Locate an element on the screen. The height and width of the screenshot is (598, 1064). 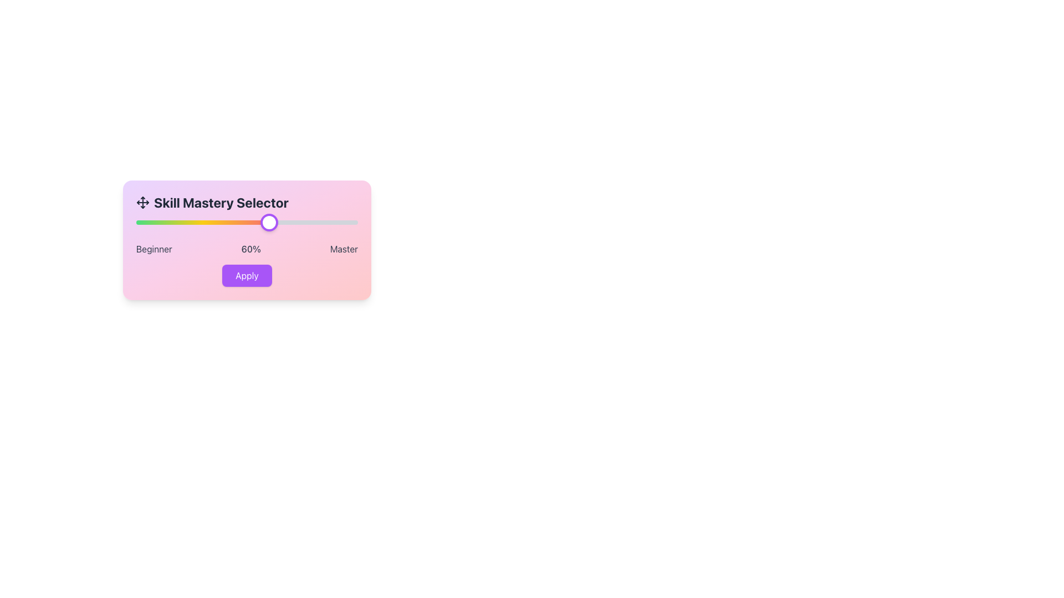
the slider position is located at coordinates (197, 222).